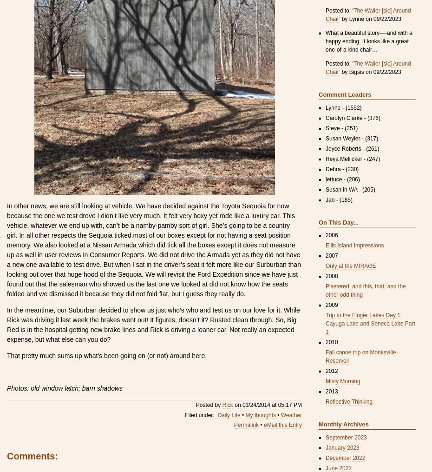 Image resolution: width=432 pixels, height=472 pixels. Describe the element at coordinates (353, 118) in the screenshot. I see `'Carolyn Clarke - (376)'` at that location.